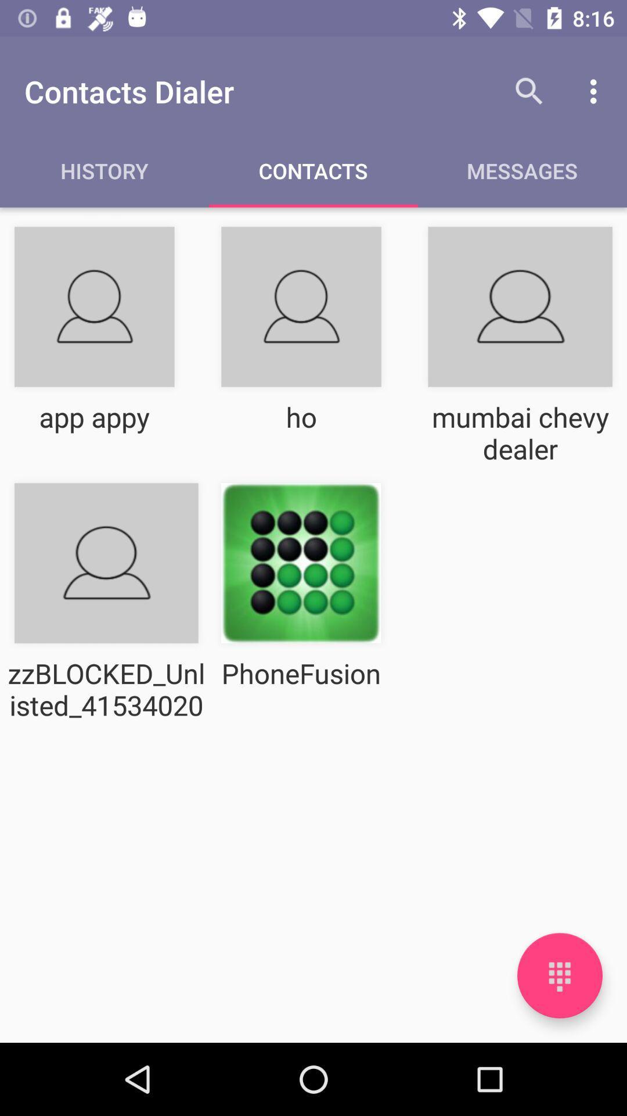  Describe the element at coordinates (596, 91) in the screenshot. I see `item above the messages item` at that location.